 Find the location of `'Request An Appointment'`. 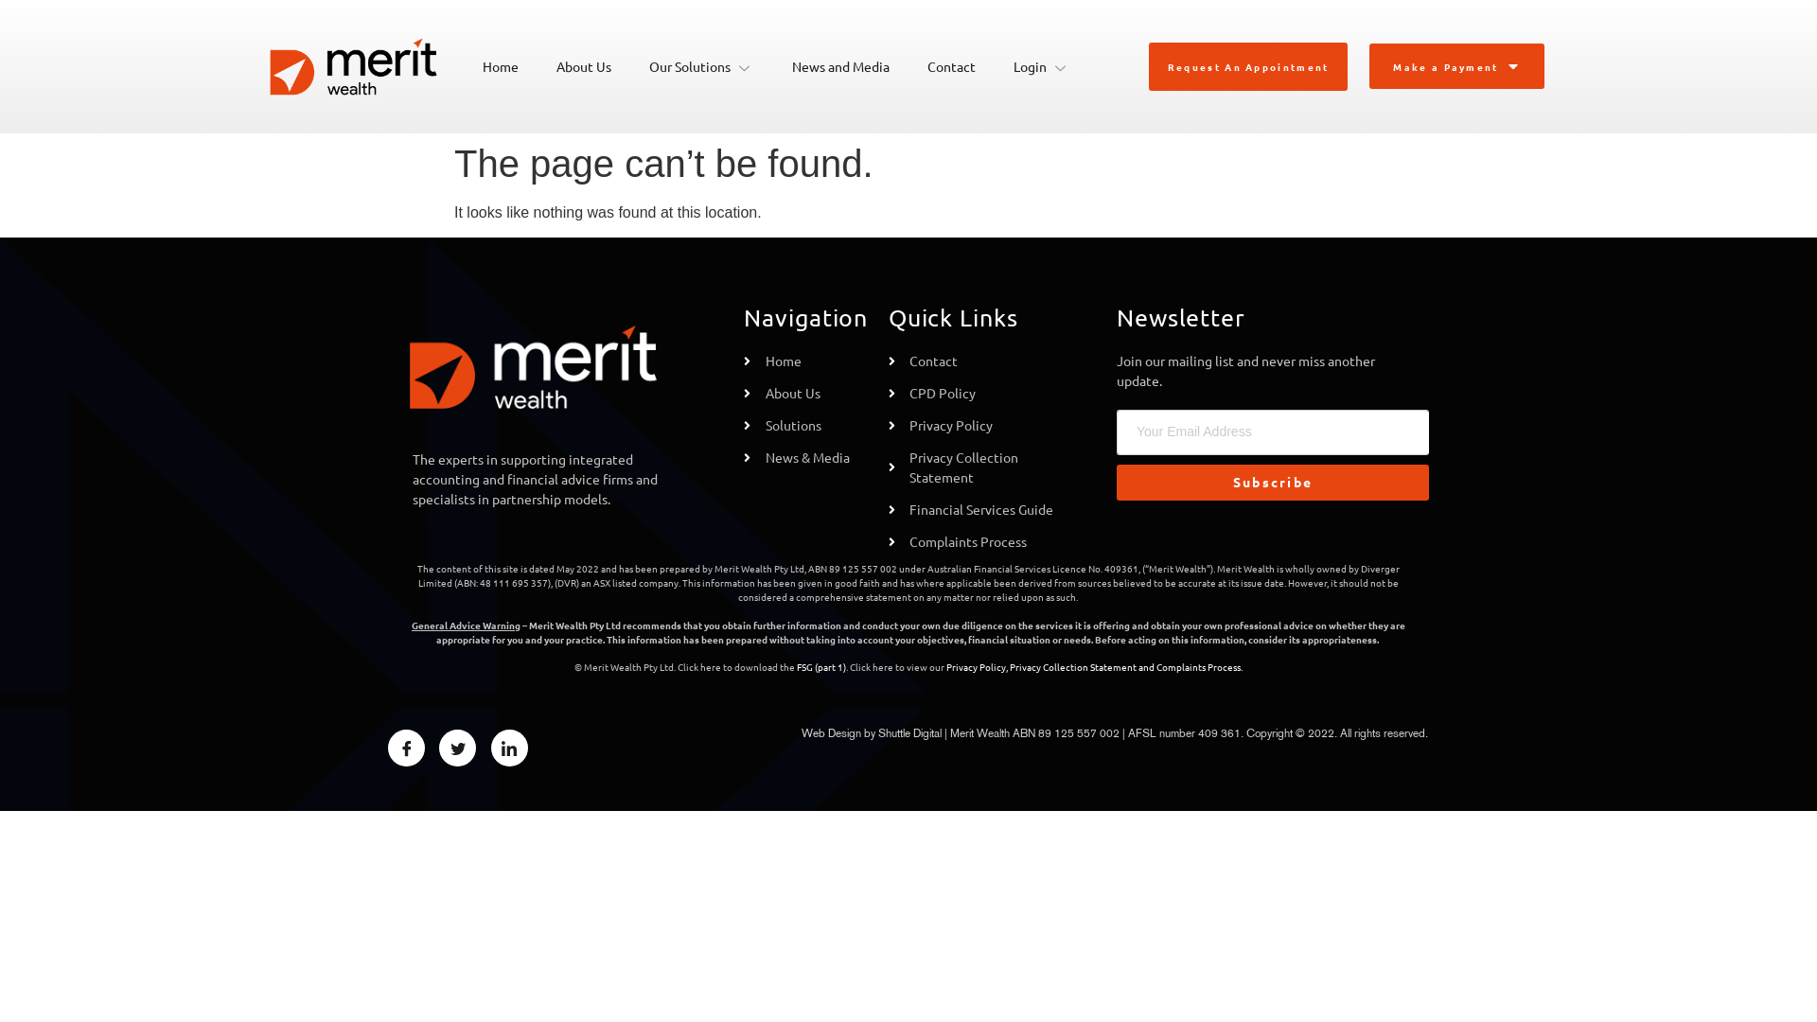

'Request An Appointment' is located at coordinates (1248, 65).